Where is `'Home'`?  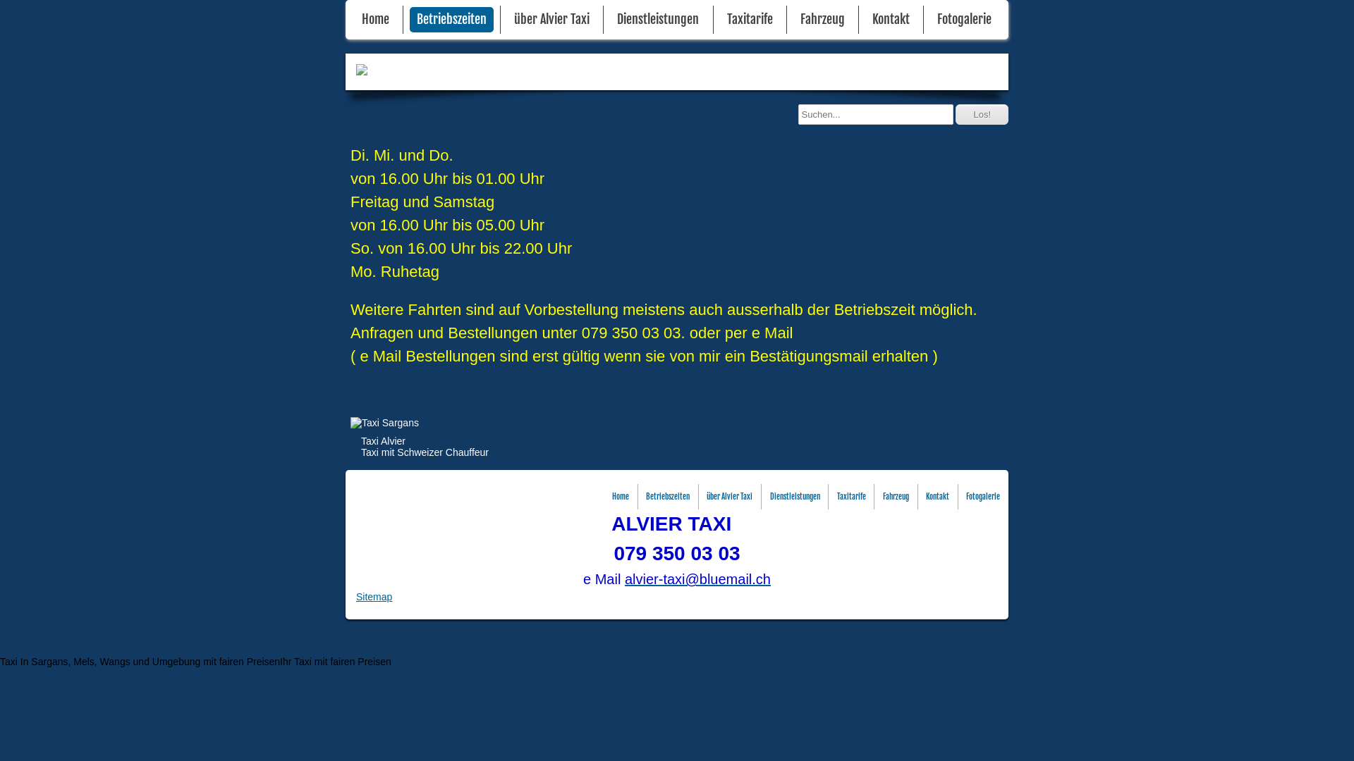 'Home' is located at coordinates (620, 496).